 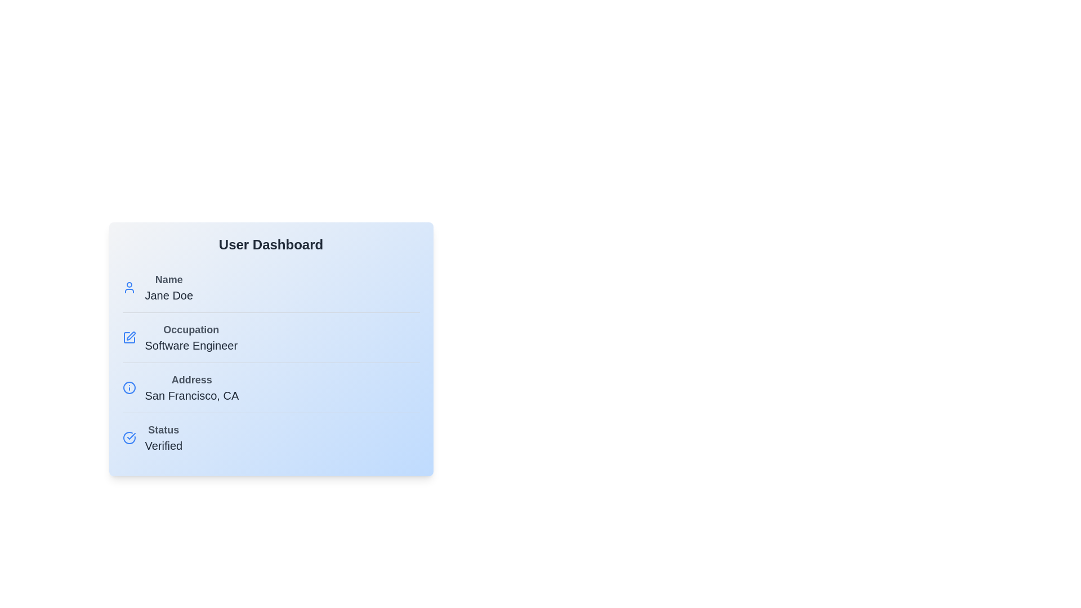 I want to click on the small pen-shaped icon located in the 'Occupation' section of the dashboard, so click(x=131, y=336).